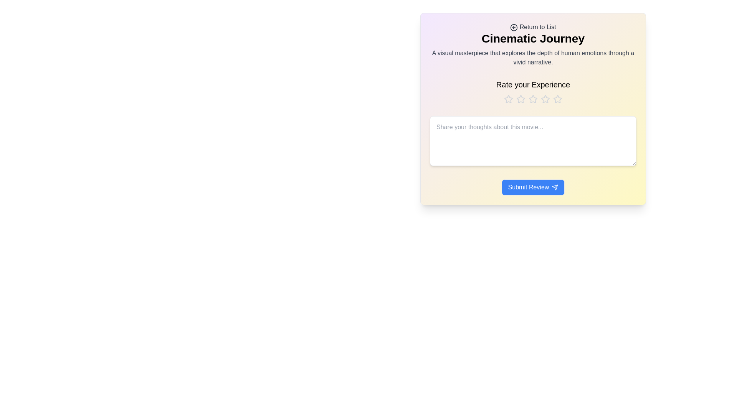 The height and width of the screenshot is (414, 737). I want to click on the 'Return to List' hyperlink styled as a button located at the top-left of the card interface, so click(532, 26).